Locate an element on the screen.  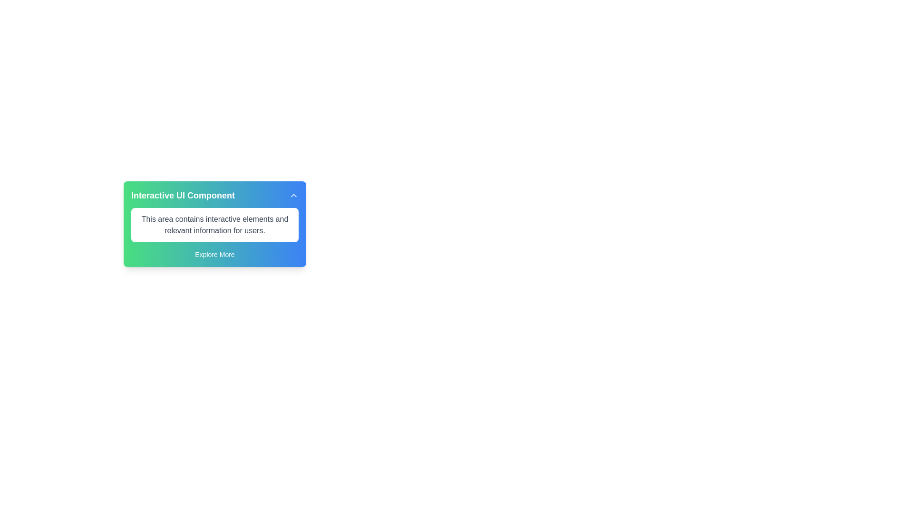
the interactive button located at the top-right corner of the 'Interactive UI Component' is located at coordinates (293, 195).